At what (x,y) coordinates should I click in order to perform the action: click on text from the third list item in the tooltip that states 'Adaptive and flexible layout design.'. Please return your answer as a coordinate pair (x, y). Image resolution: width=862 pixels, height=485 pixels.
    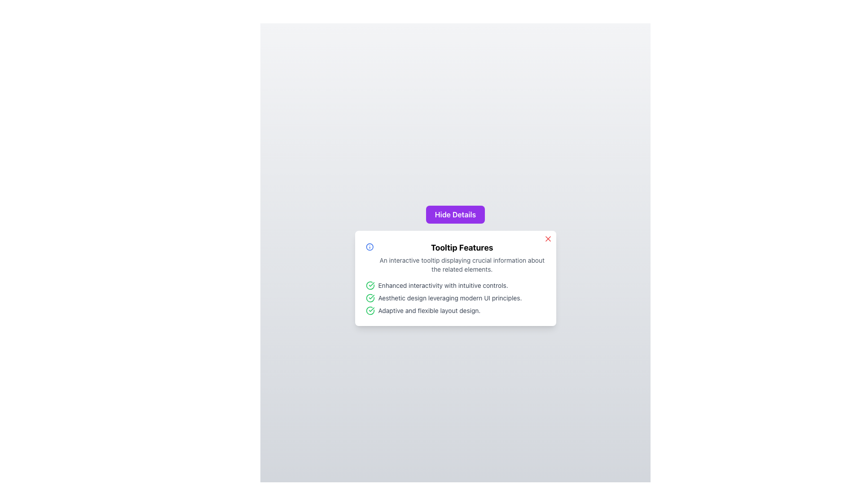
    Looking at the image, I should click on (455, 310).